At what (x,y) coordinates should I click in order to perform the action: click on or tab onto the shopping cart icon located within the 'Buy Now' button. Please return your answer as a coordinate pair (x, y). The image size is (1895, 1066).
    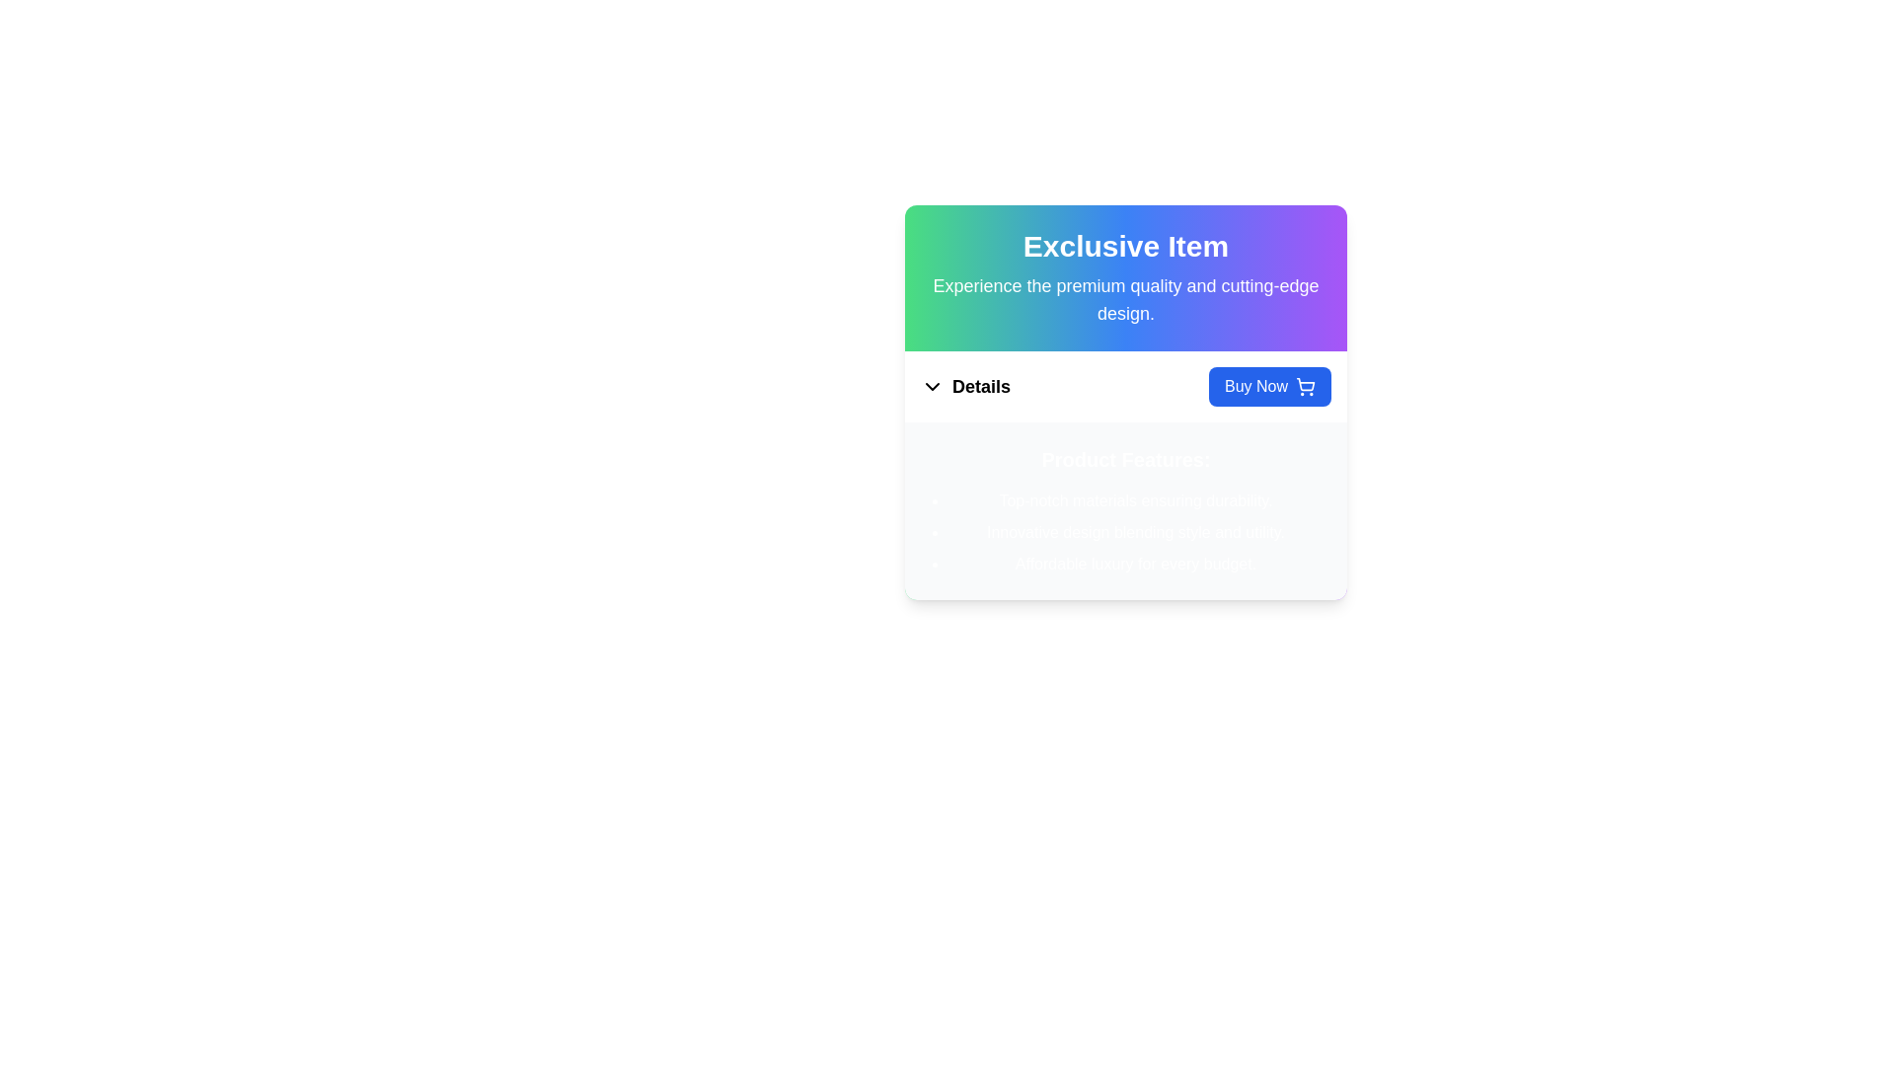
    Looking at the image, I should click on (1306, 387).